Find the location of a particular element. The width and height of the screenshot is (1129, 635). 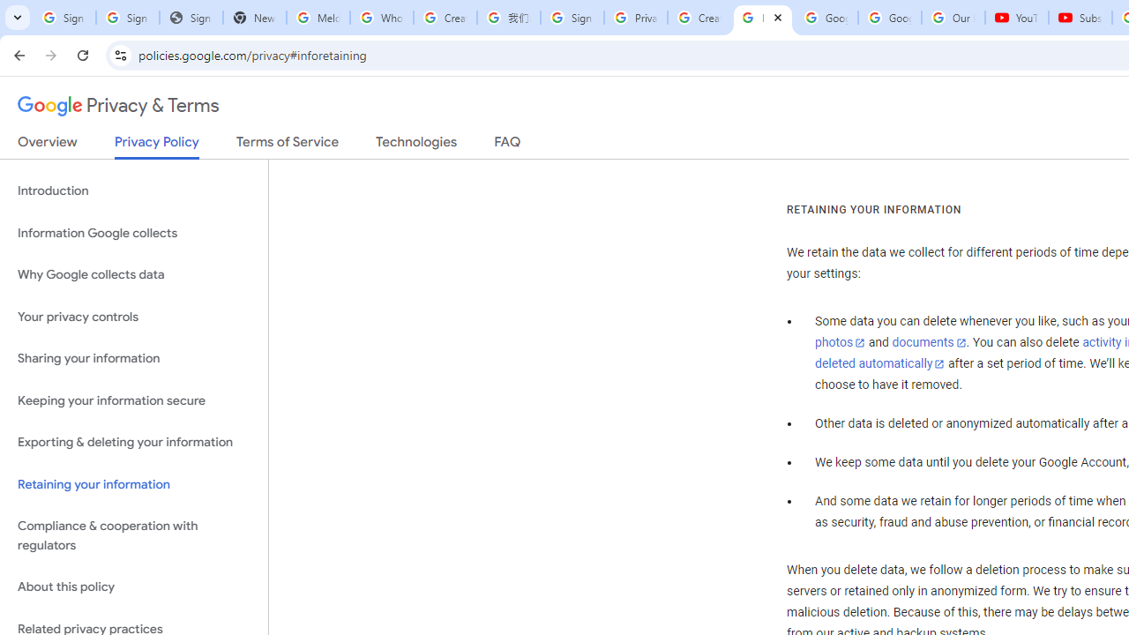

'documents' is located at coordinates (928, 343).